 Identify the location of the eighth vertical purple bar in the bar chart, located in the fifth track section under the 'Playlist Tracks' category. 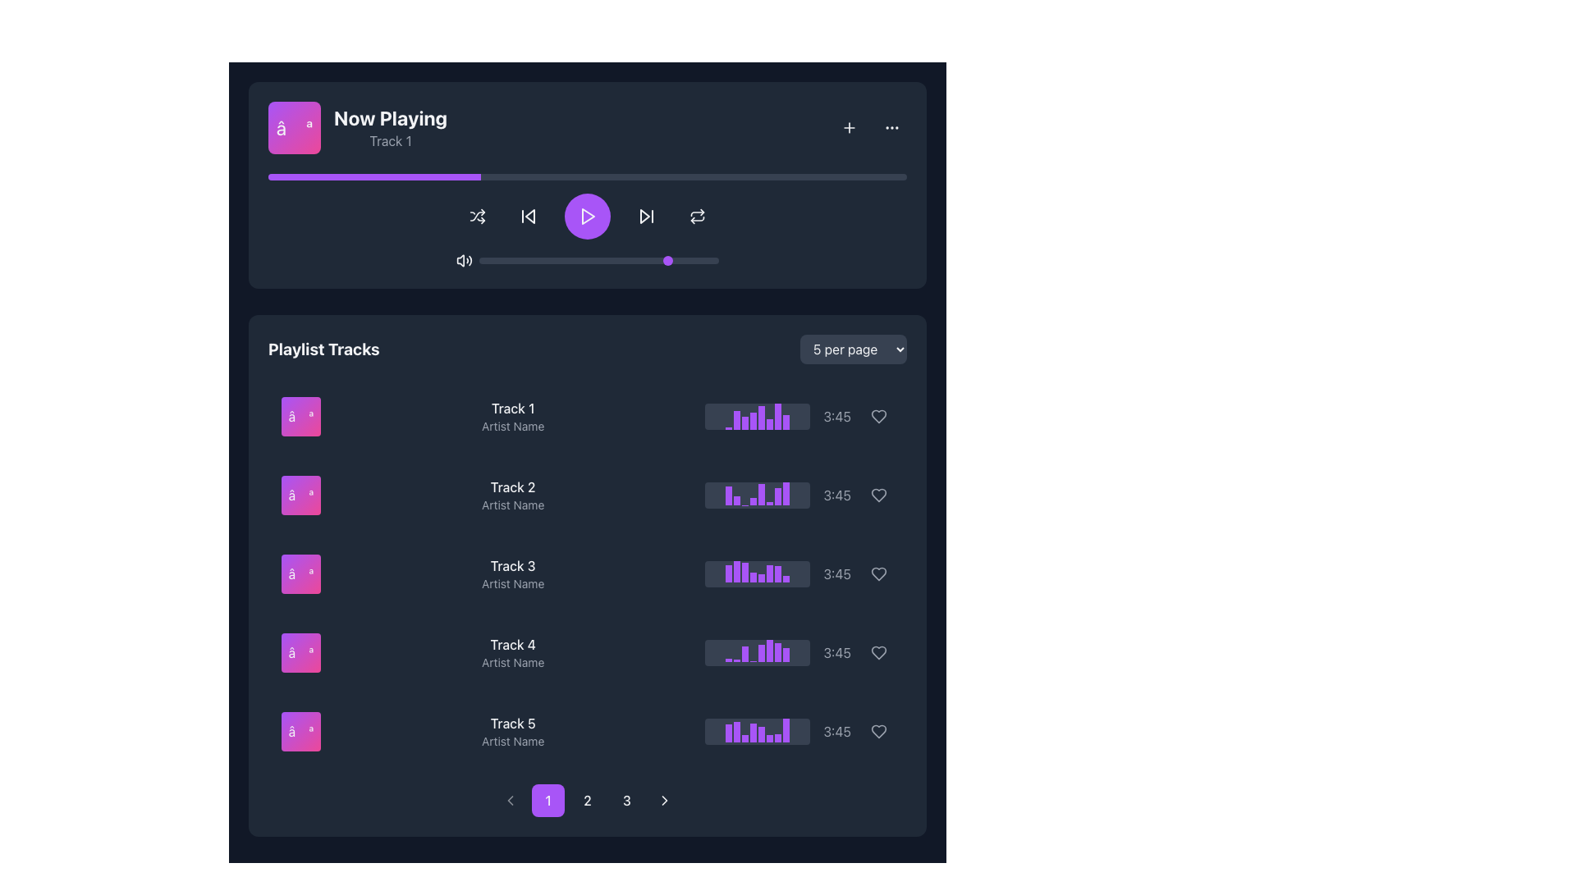
(786, 729).